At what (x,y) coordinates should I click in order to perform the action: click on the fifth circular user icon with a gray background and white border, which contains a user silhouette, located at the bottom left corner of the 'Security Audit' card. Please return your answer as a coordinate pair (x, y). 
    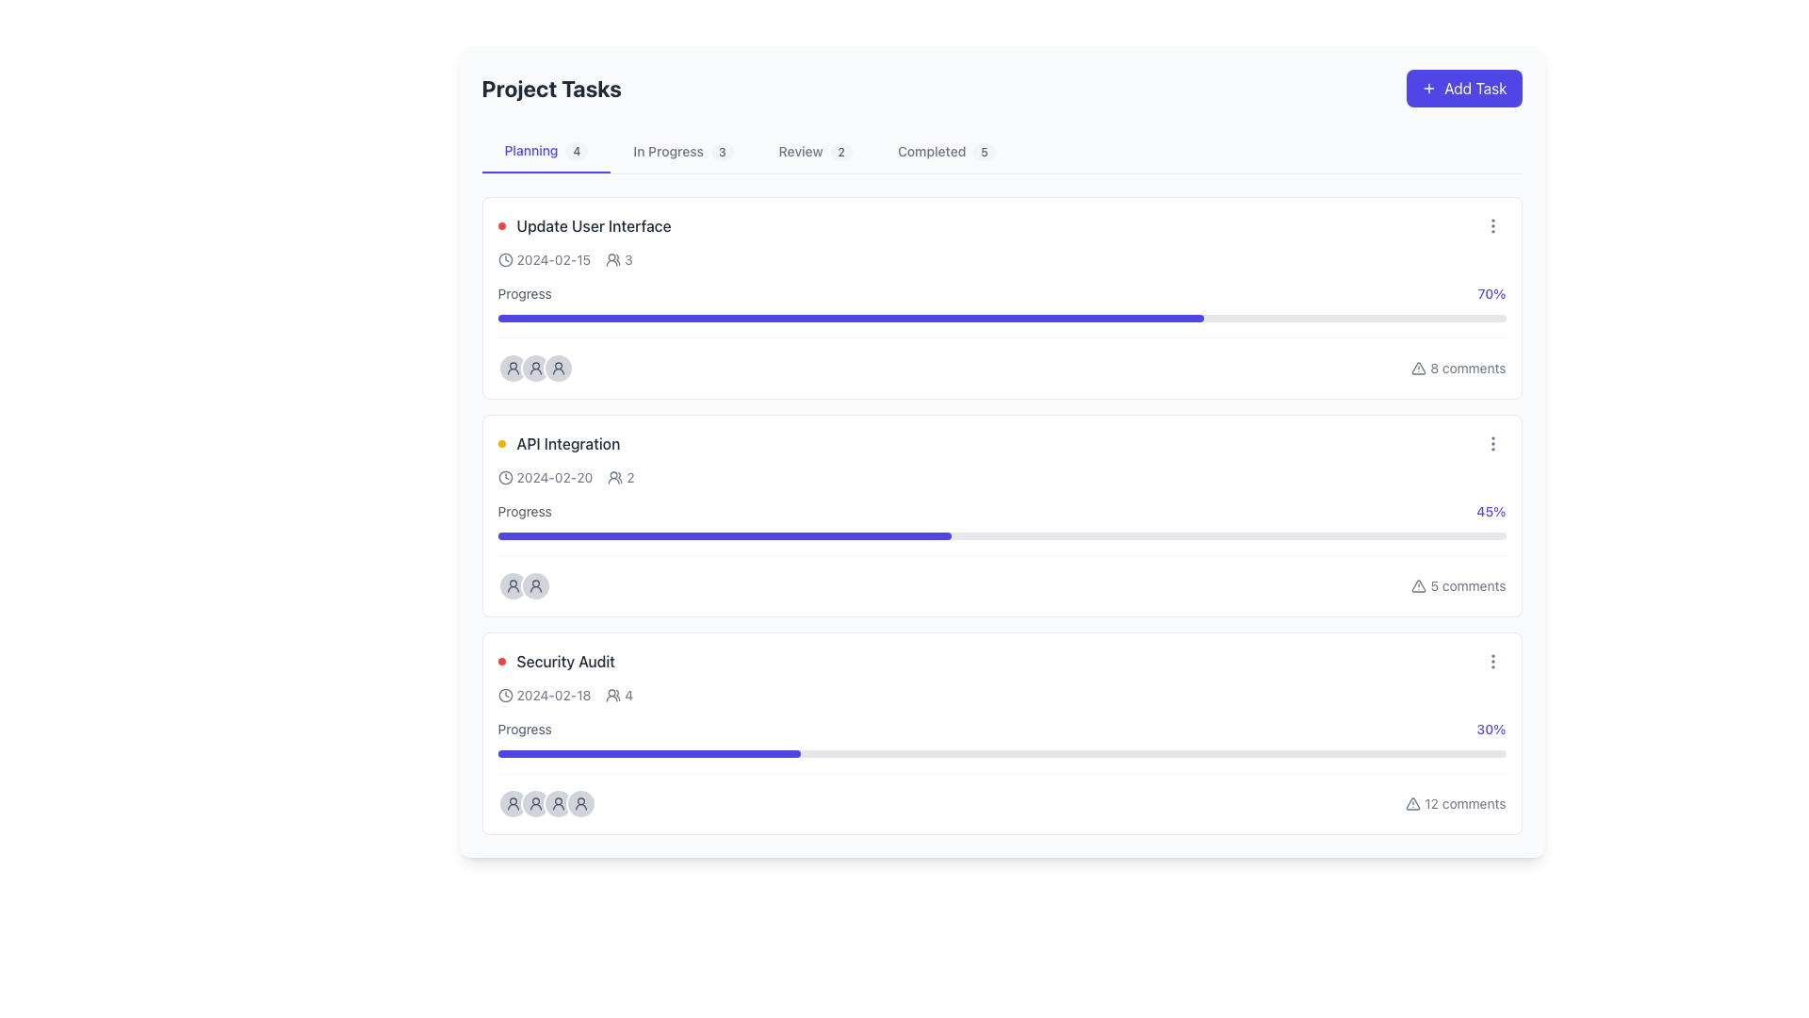
    Looking at the image, I should click on (579, 803).